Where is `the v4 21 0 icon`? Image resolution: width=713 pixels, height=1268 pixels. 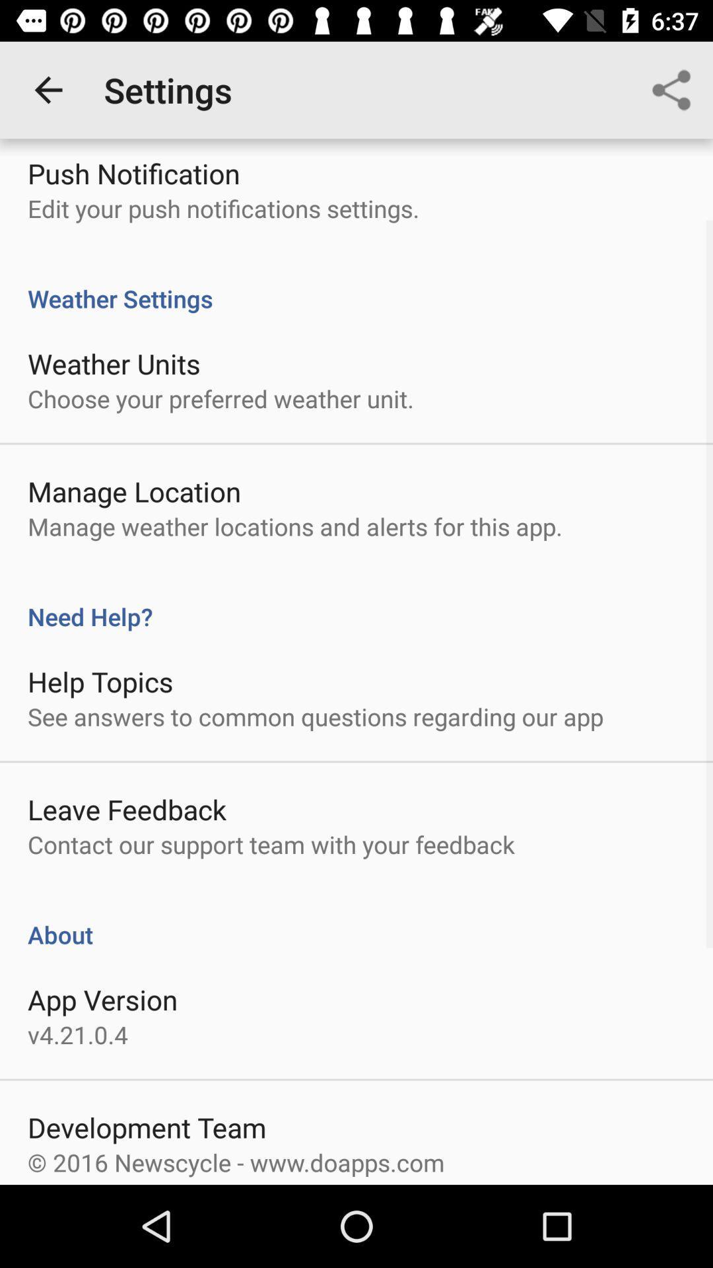 the v4 21 0 icon is located at coordinates (78, 1034).